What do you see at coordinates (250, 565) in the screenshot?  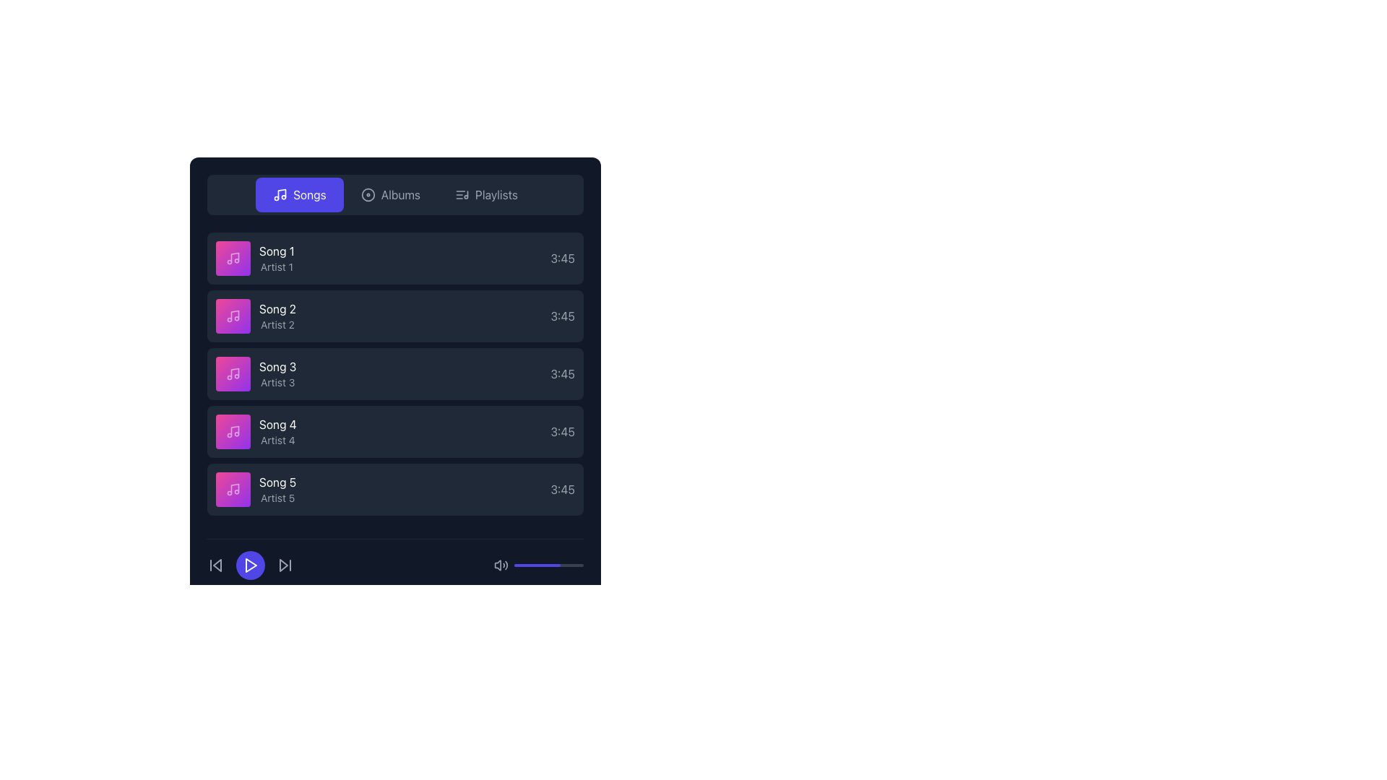 I see `the triangular play icon located in the bottom-left corner of the interface within a circular button` at bounding box center [250, 565].